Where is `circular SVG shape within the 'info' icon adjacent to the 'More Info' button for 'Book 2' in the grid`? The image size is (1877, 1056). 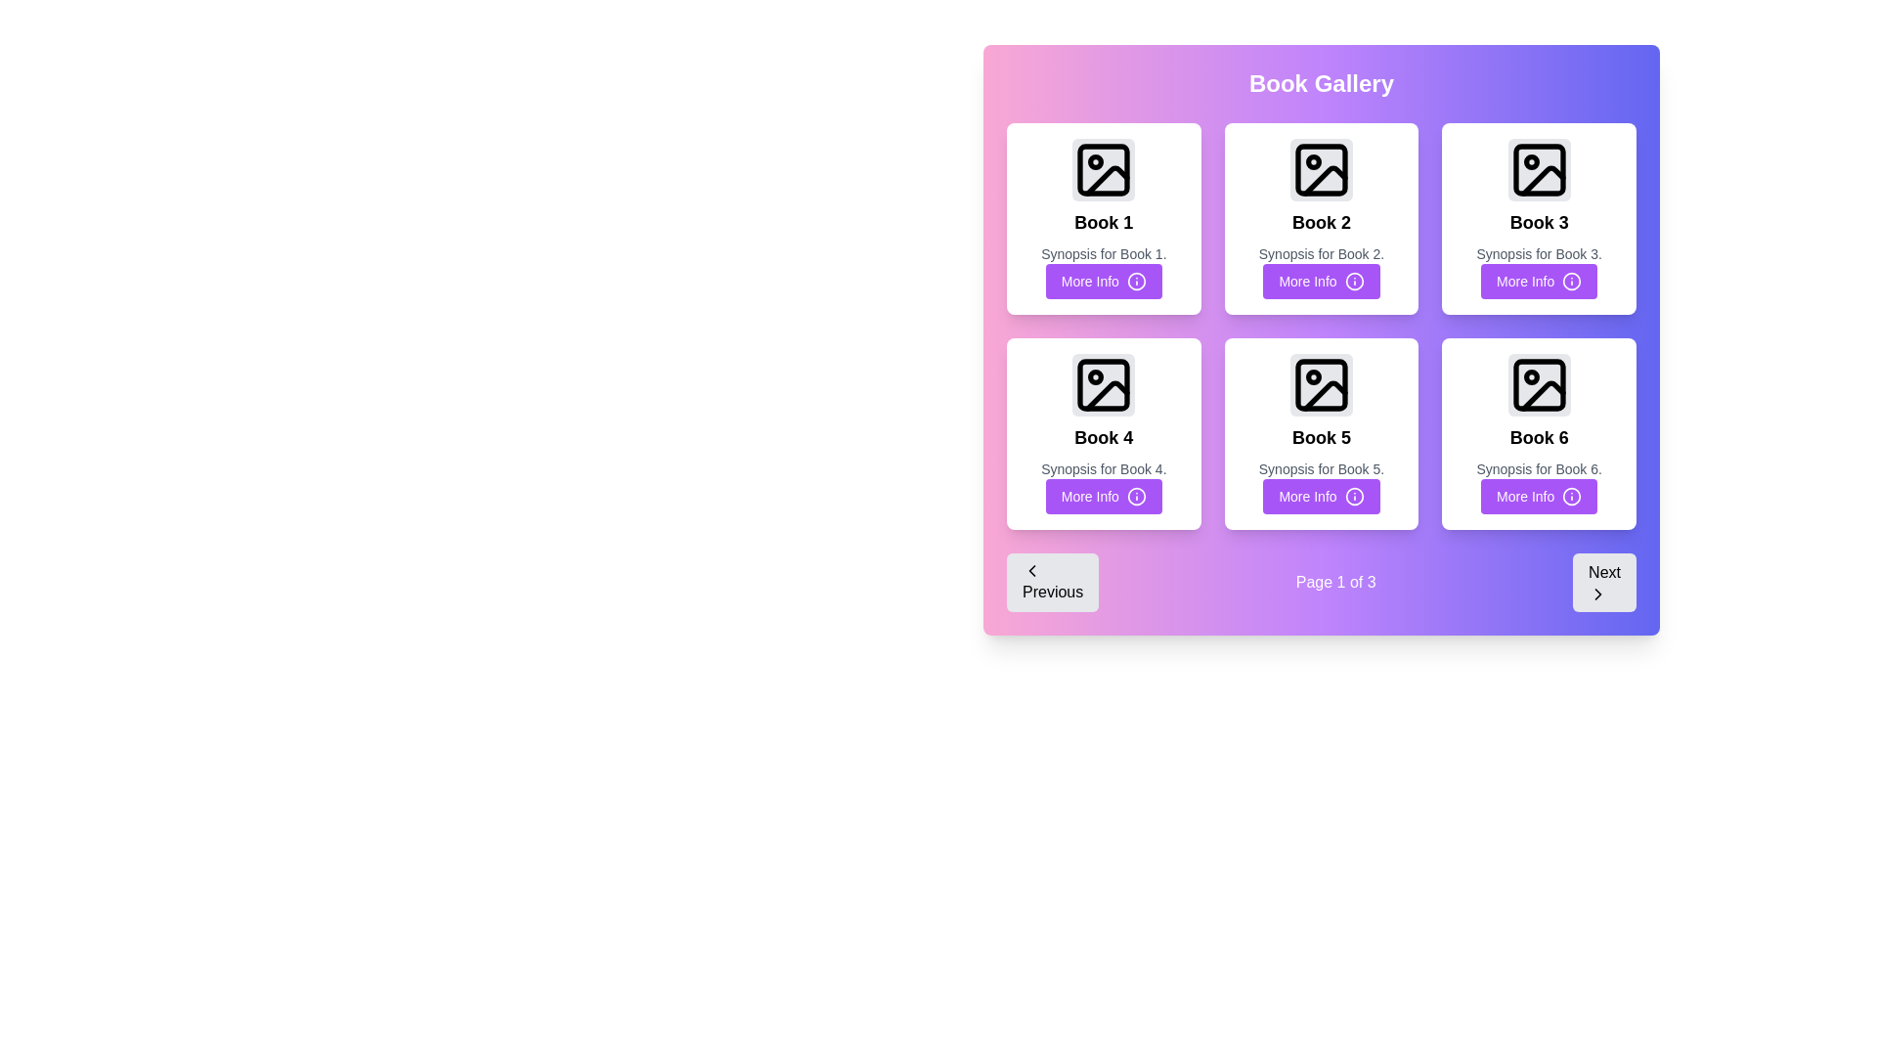 circular SVG shape within the 'info' icon adjacent to the 'More Info' button for 'Book 2' in the grid is located at coordinates (1353, 282).